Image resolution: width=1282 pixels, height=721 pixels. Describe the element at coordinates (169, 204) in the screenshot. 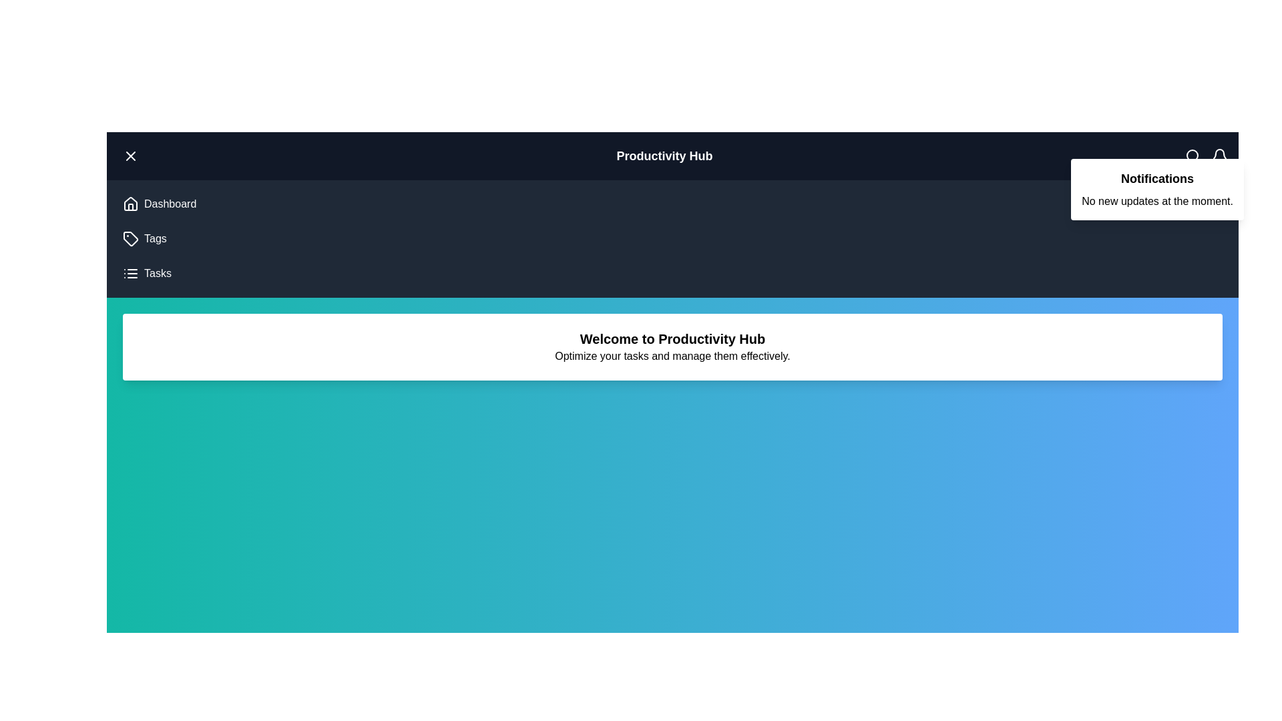

I see `the 'Dashboard' menu item to navigate to the Dashboard section` at that location.